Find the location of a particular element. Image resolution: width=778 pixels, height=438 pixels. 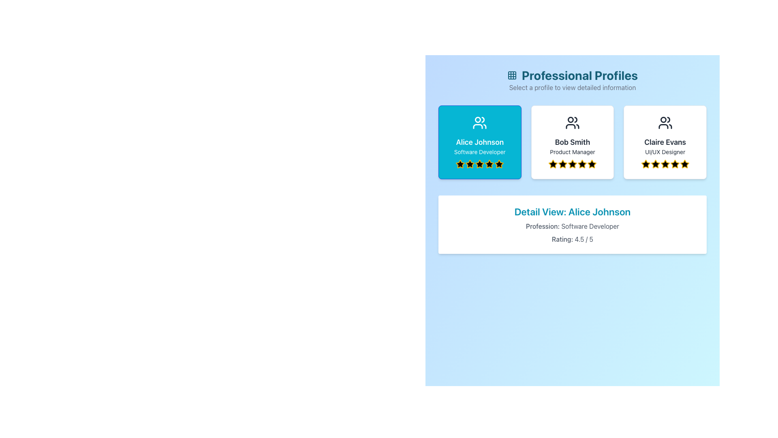

the user profile card for 'Alice Johnson', a Software Developer, represented by the icon at the center top of the card is located at coordinates (480, 123).